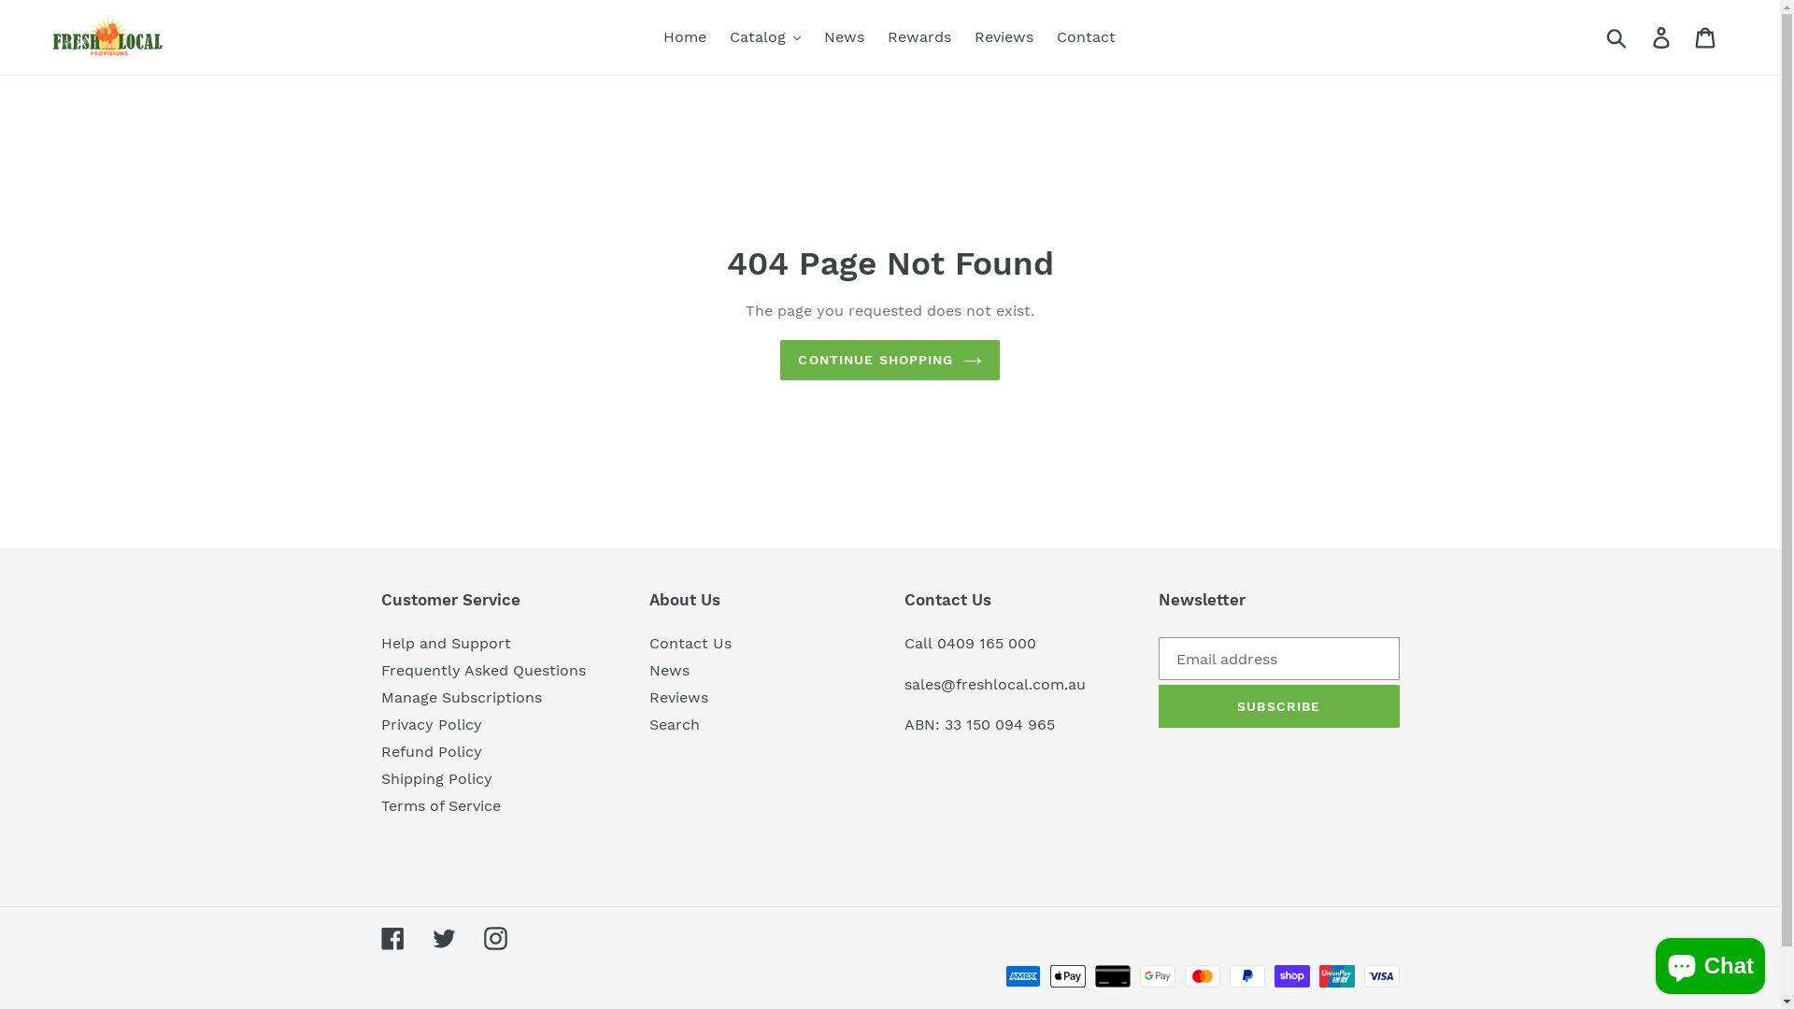  Describe the element at coordinates (888, 360) in the screenshot. I see `'CONTINUE SHOPPING'` at that location.